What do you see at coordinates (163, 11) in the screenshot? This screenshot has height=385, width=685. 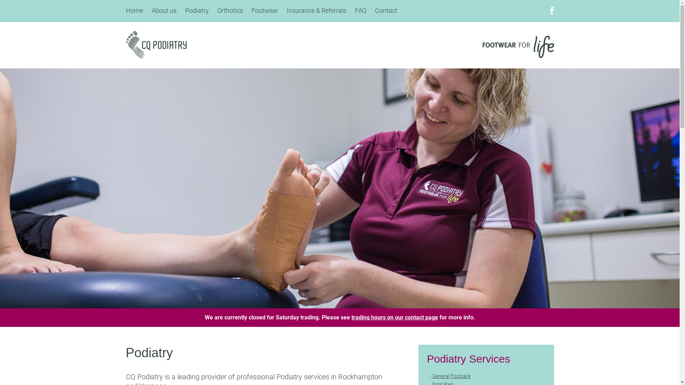 I see `'About us'` at bounding box center [163, 11].